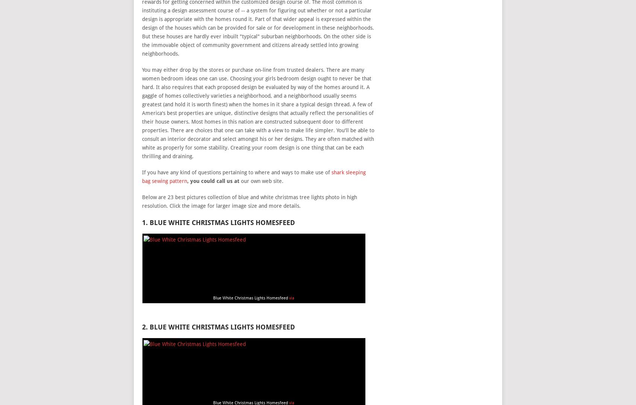 The width and height of the screenshot is (636, 405). Describe the element at coordinates (251, 298) in the screenshot. I see `'Blue White Christmas Lights Homesfeed'` at that location.